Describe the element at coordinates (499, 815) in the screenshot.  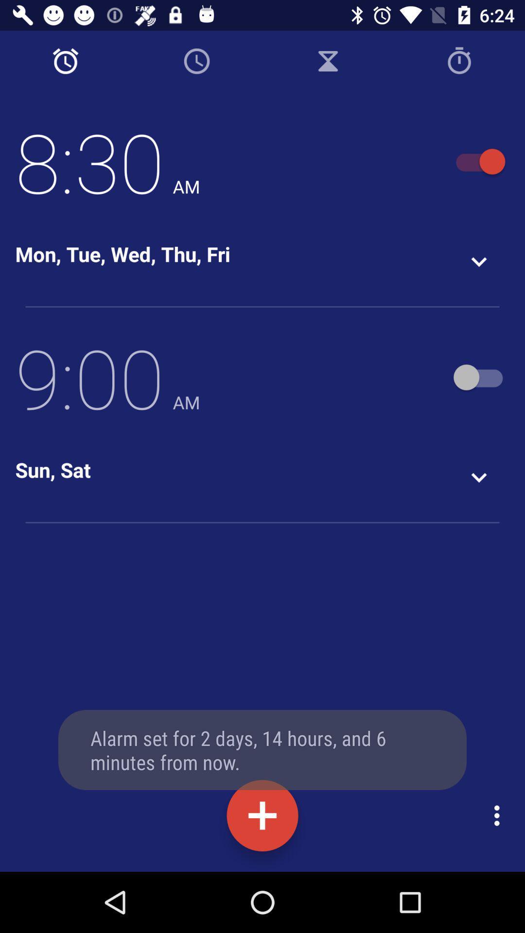
I see `the more icon` at that location.